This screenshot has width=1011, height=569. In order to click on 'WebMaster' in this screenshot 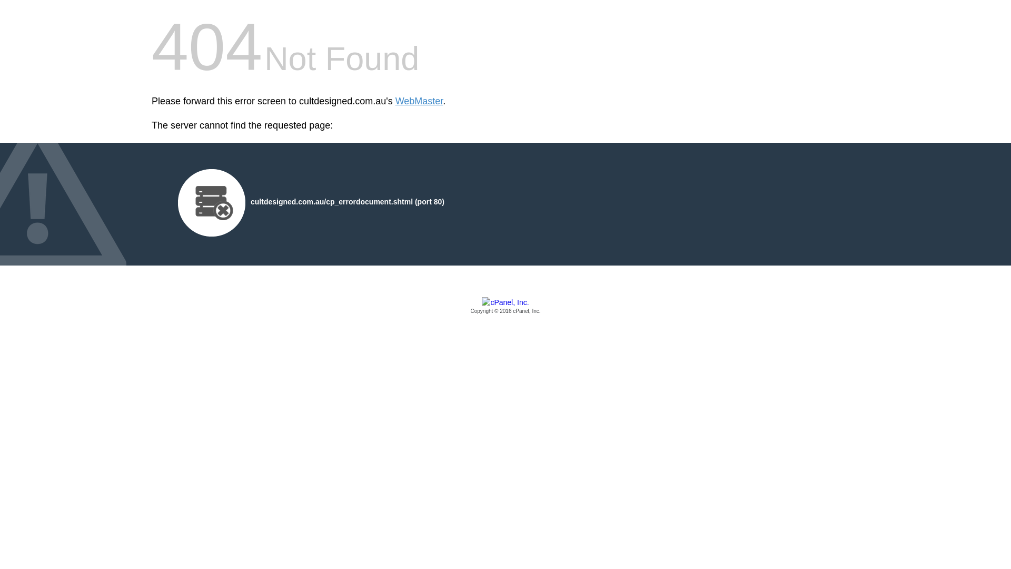, I will do `click(419, 101)`.